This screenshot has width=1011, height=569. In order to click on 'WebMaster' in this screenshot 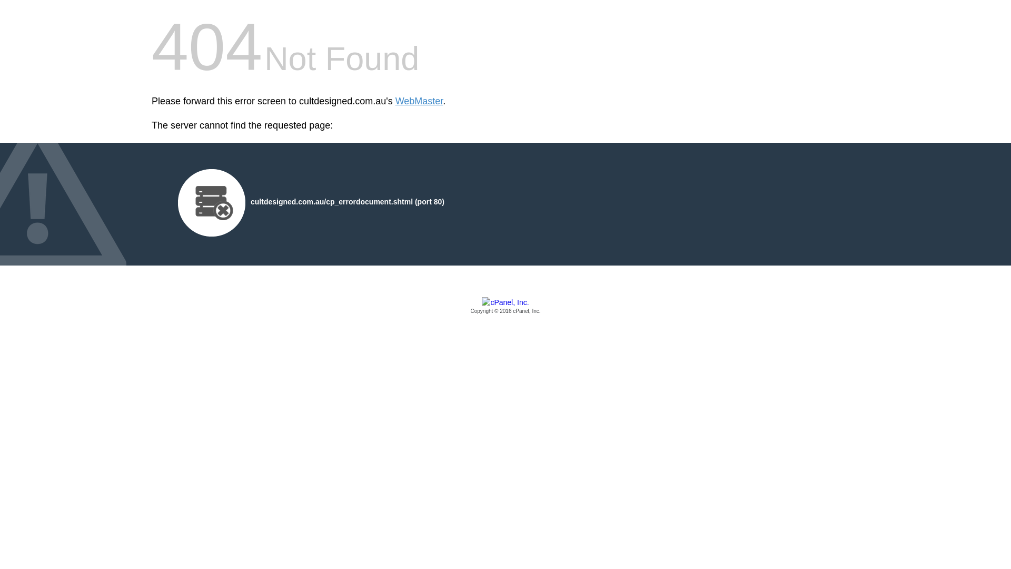, I will do `click(419, 101)`.